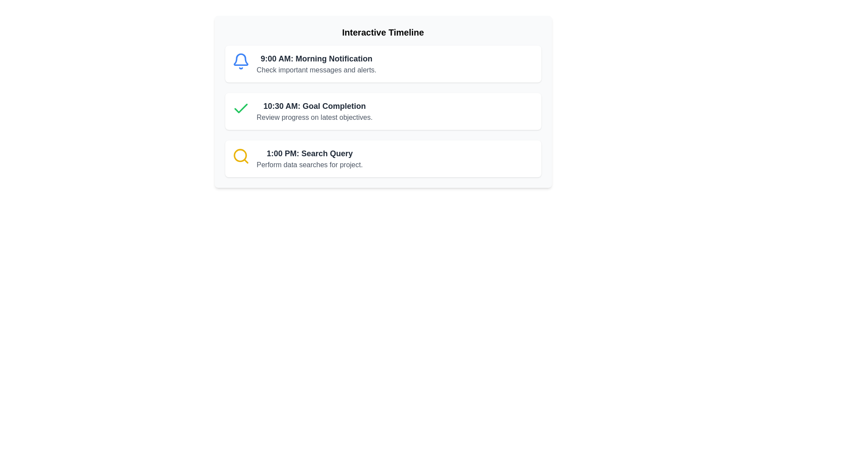 The height and width of the screenshot is (474, 843). Describe the element at coordinates (314, 106) in the screenshot. I see `text of the header title for the second item in the timeline, which indicates the time and subject of the event, positioned above the subtitle 'Review progress on latest objectives.'` at that location.